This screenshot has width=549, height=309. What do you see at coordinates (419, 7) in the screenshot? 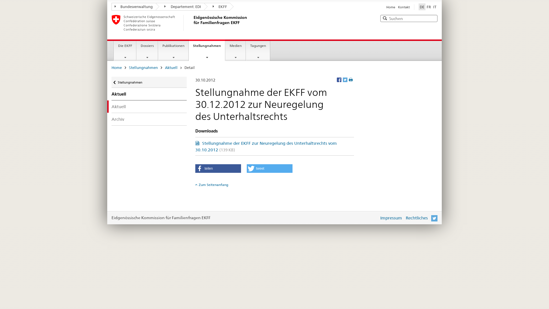
I see `'DE'` at bounding box center [419, 7].